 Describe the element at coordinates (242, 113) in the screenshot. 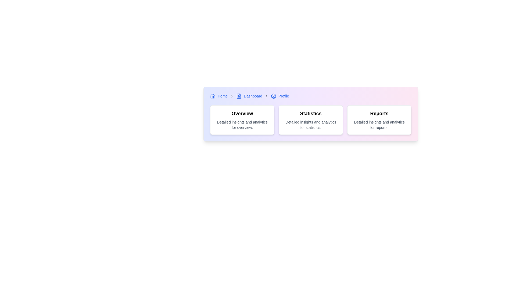

I see `the text label that serves as the title for the card indicating an overview, which is the first card element in a row of three horizontally displayed cards` at that location.